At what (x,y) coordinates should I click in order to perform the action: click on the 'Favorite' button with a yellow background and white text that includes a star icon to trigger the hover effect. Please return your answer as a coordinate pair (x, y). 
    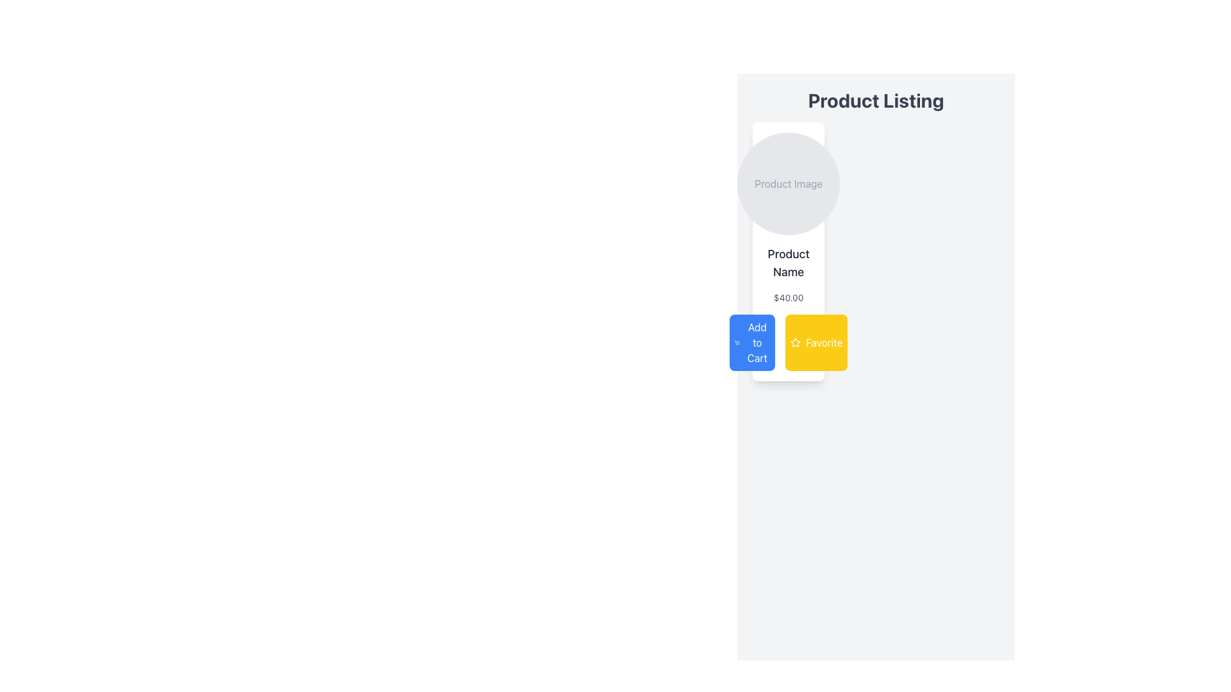
    Looking at the image, I should click on (816, 342).